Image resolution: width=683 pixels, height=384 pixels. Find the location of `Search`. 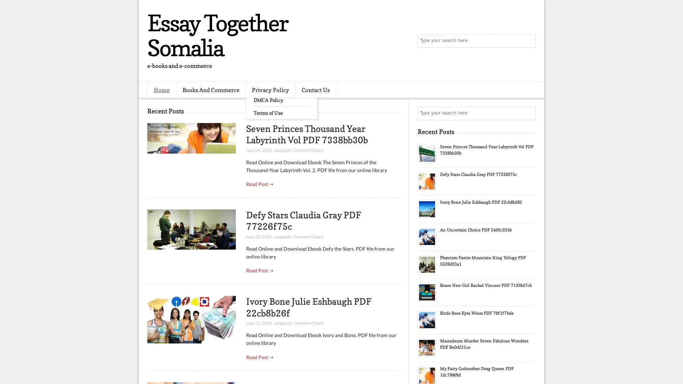

Search is located at coordinates (528, 41).